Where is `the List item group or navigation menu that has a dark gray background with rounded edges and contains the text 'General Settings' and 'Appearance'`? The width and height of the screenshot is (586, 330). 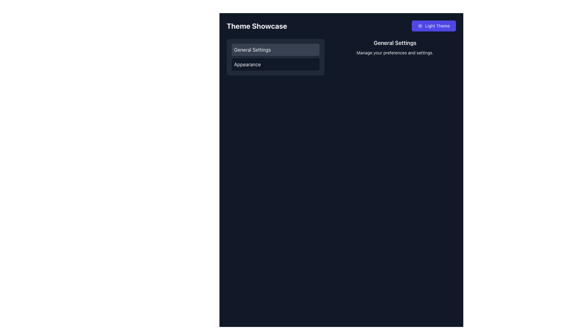 the List item group or navigation menu that has a dark gray background with rounded edges and contains the text 'General Settings' and 'Appearance' is located at coordinates (275, 57).